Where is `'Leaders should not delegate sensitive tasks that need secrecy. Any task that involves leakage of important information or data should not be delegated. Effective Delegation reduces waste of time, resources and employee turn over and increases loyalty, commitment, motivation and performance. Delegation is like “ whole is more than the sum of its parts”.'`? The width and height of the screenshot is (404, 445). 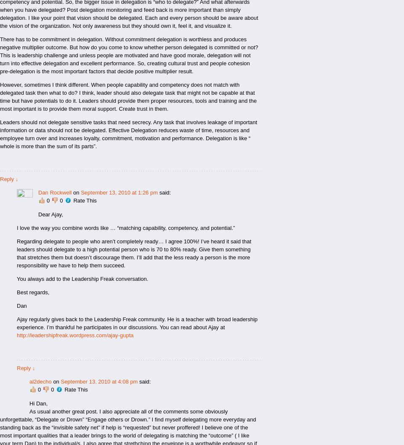
'Leaders should not delegate sensitive tasks that need secrecy. Any task that involves leakage of important information or data should not be delegated. Effective Delegation reduces waste of time, resources and employee turn over and increases loyalty, commitment, motivation and performance. Delegation is like “ whole is more than the sum of its parts”.' is located at coordinates (0, 134).